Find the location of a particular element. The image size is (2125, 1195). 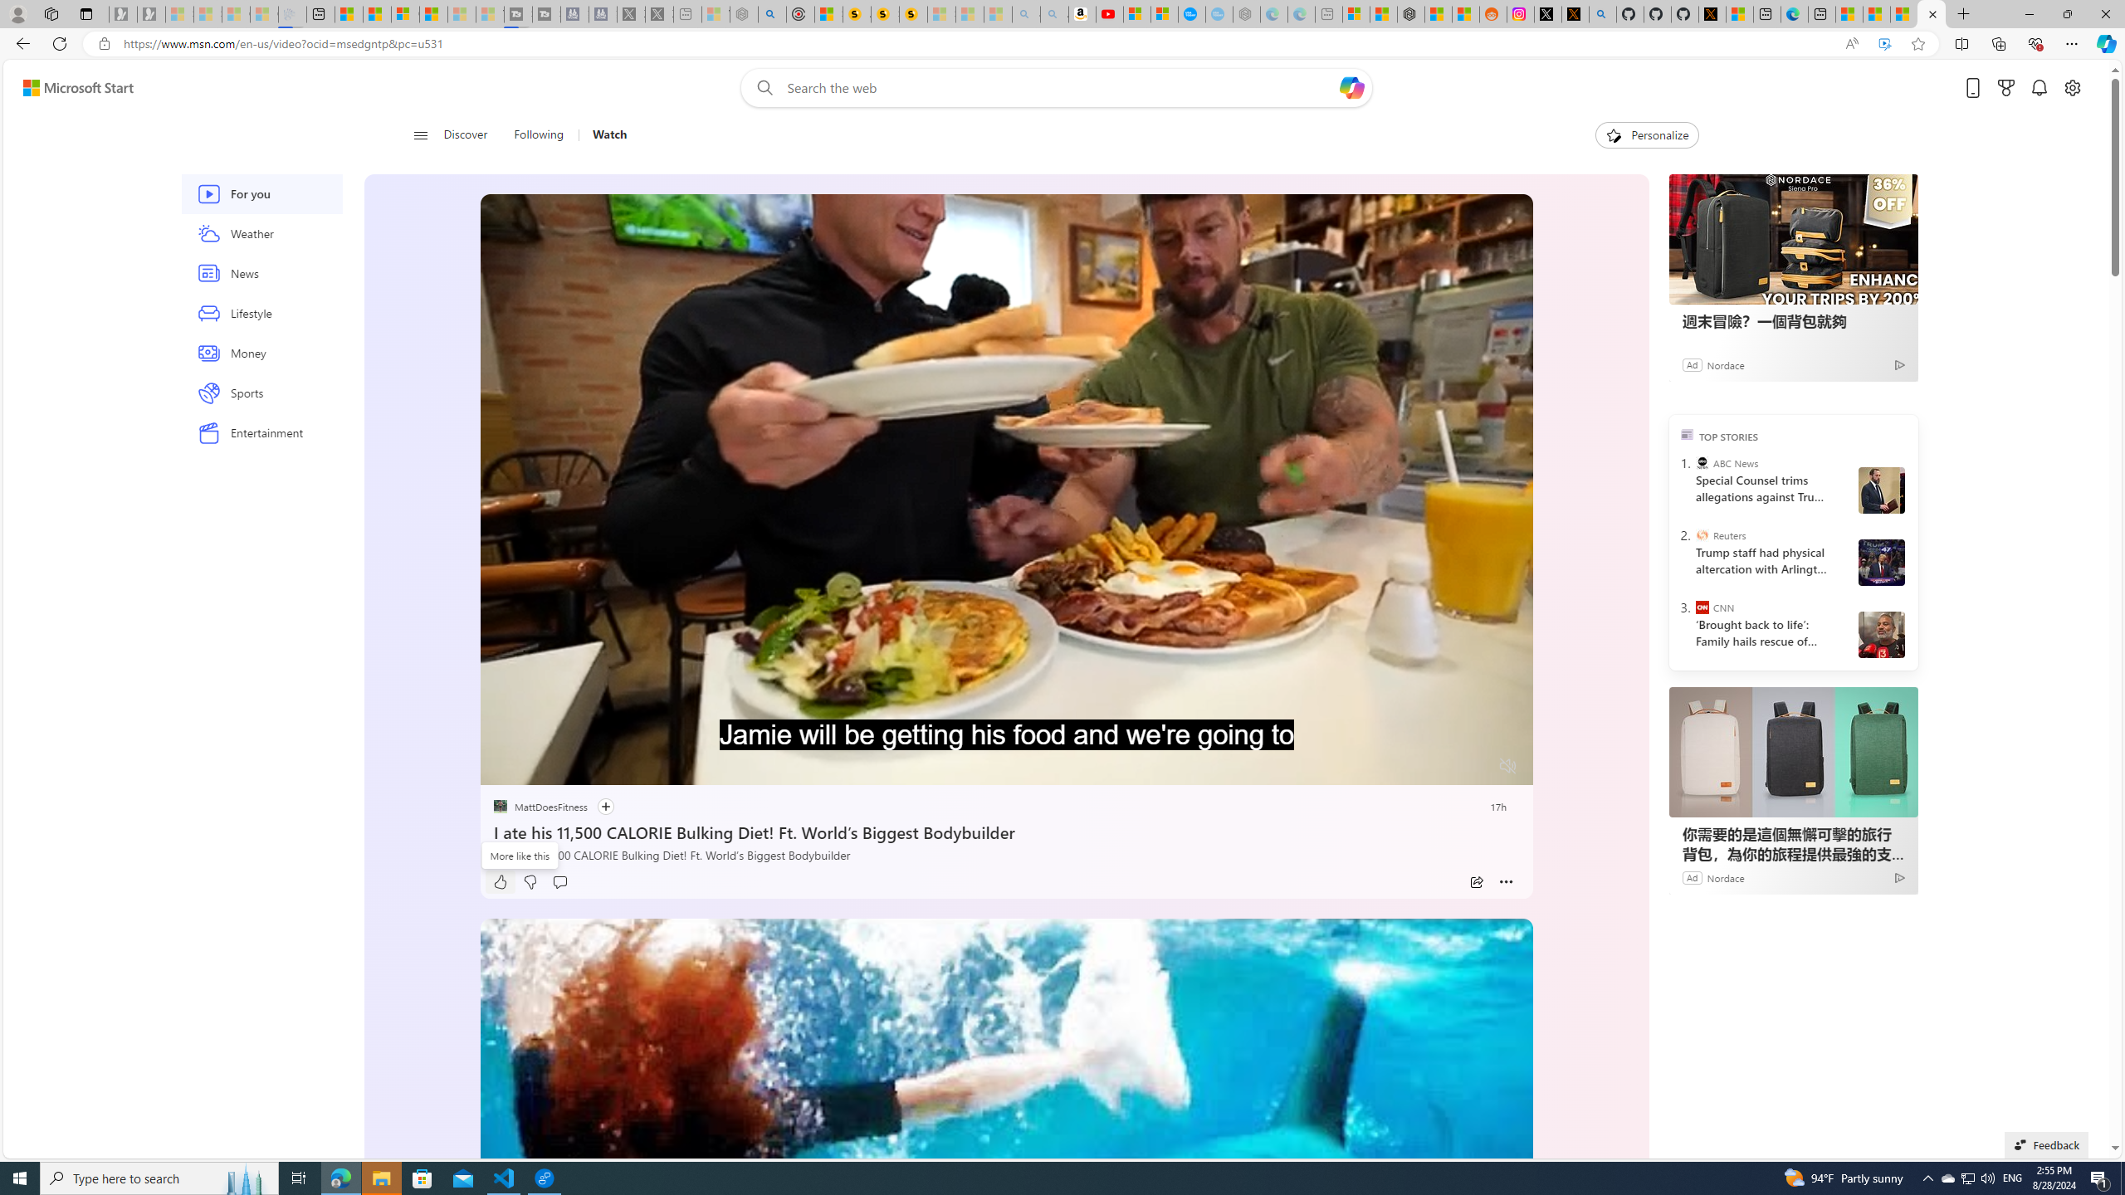

'amazon - Search - Sleeping' is located at coordinates (1025, 13).